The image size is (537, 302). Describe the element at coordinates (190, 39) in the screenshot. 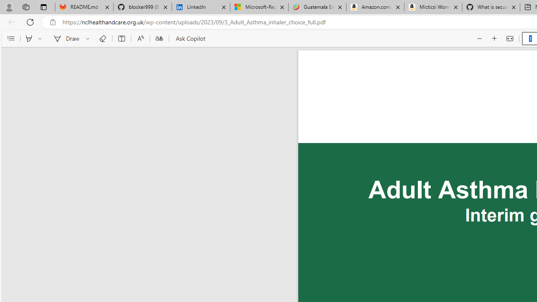

I see `'Ask Copilot'` at that location.